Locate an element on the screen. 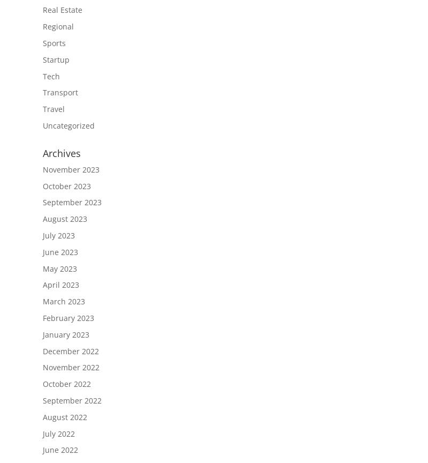 The height and width of the screenshot is (463, 428). 'March 2023' is located at coordinates (43, 301).